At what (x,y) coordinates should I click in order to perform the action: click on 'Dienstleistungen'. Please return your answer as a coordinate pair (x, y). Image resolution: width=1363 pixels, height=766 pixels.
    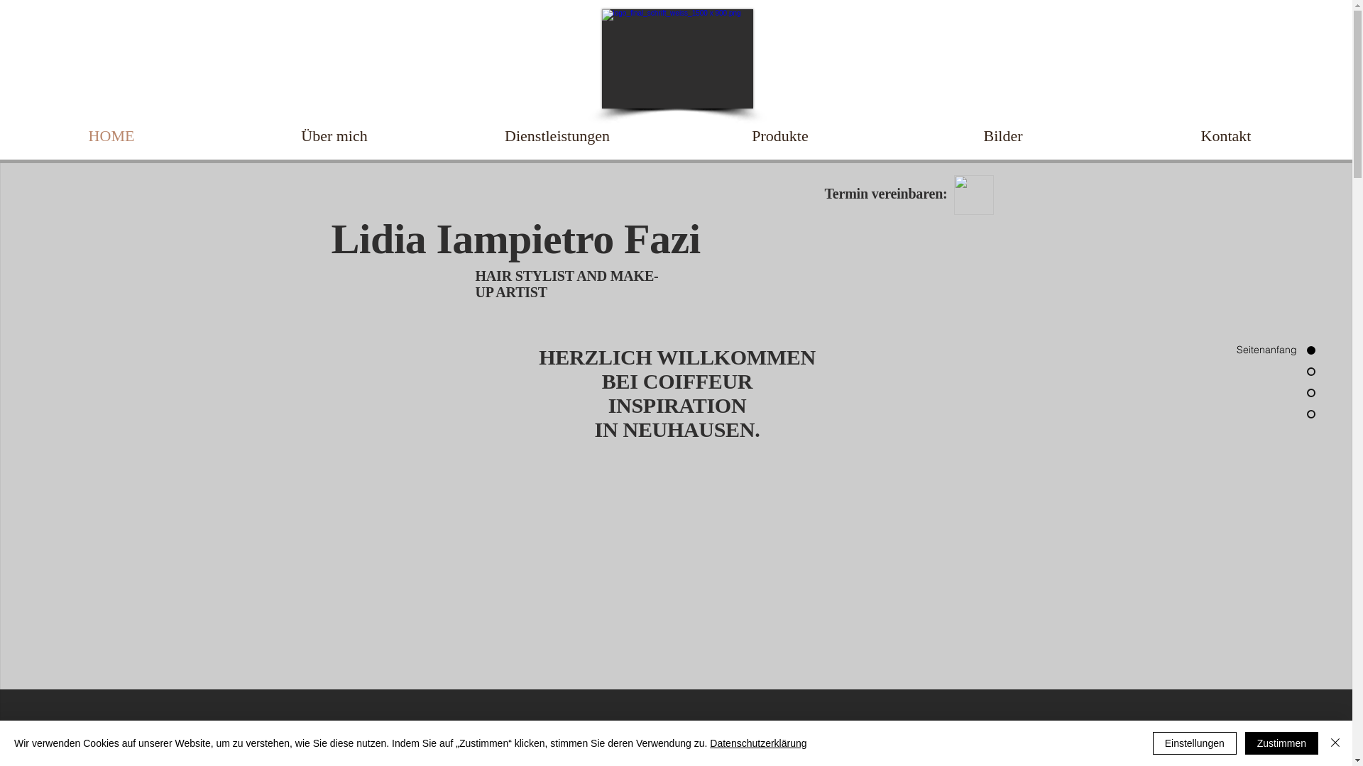
    Looking at the image, I should click on (557, 136).